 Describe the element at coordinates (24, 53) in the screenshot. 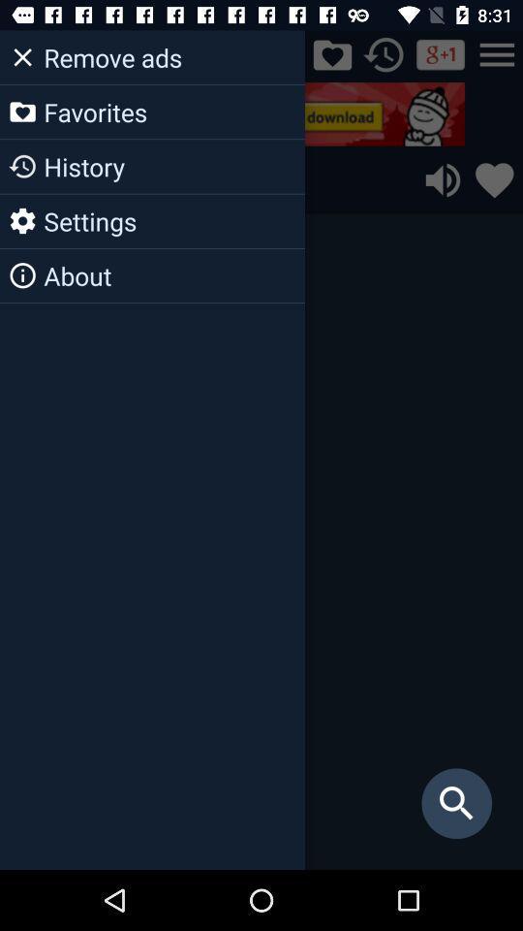

I see `the close icon` at that location.